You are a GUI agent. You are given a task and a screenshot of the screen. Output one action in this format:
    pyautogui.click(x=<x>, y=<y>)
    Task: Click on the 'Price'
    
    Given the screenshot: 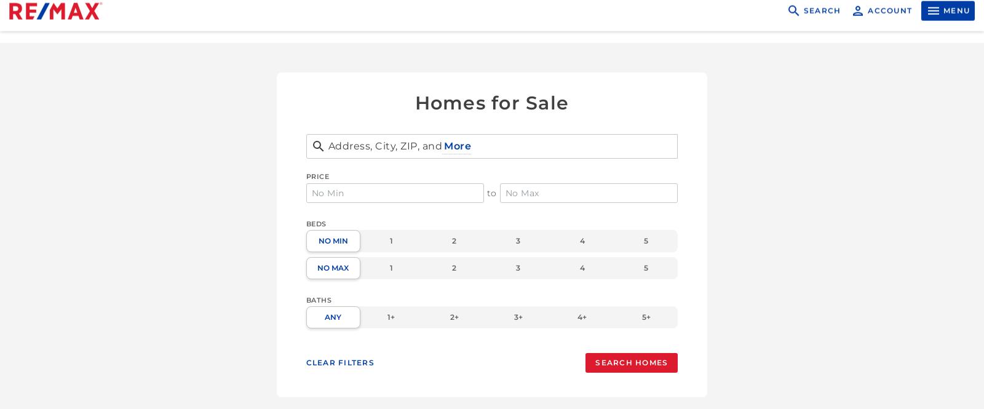 What is the action you would take?
    pyautogui.click(x=317, y=177)
    